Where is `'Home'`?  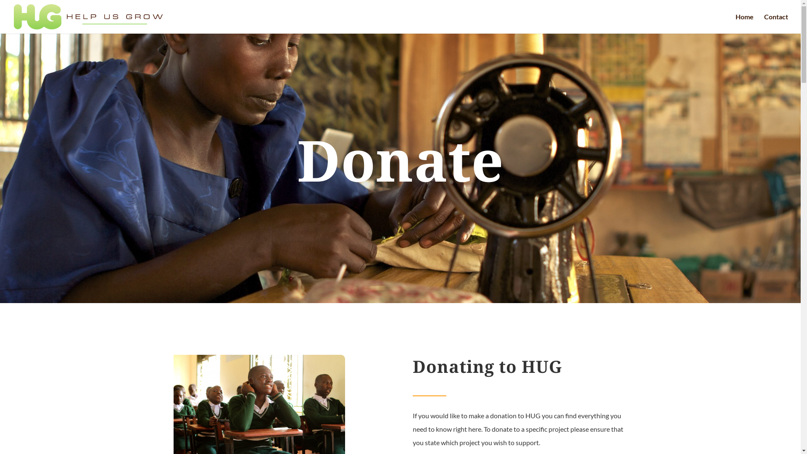 'Home' is located at coordinates (744, 23).